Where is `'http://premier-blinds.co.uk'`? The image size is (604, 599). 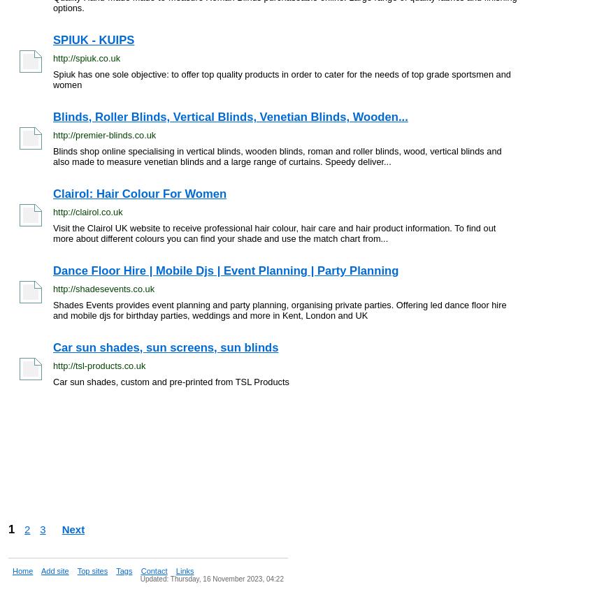 'http://premier-blinds.co.uk' is located at coordinates (103, 135).